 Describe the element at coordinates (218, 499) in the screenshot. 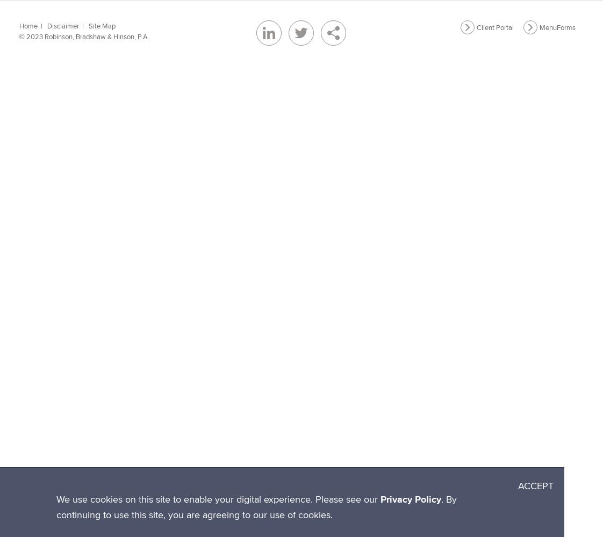

I see `'We use cookies on this site to enable your digital experience. Please see our'` at that location.